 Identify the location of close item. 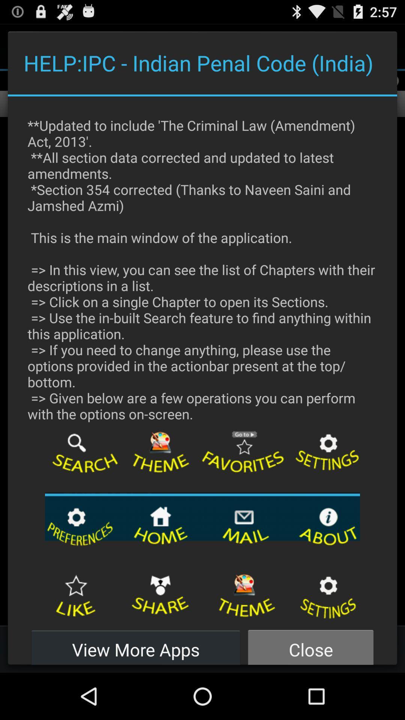
(310, 645).